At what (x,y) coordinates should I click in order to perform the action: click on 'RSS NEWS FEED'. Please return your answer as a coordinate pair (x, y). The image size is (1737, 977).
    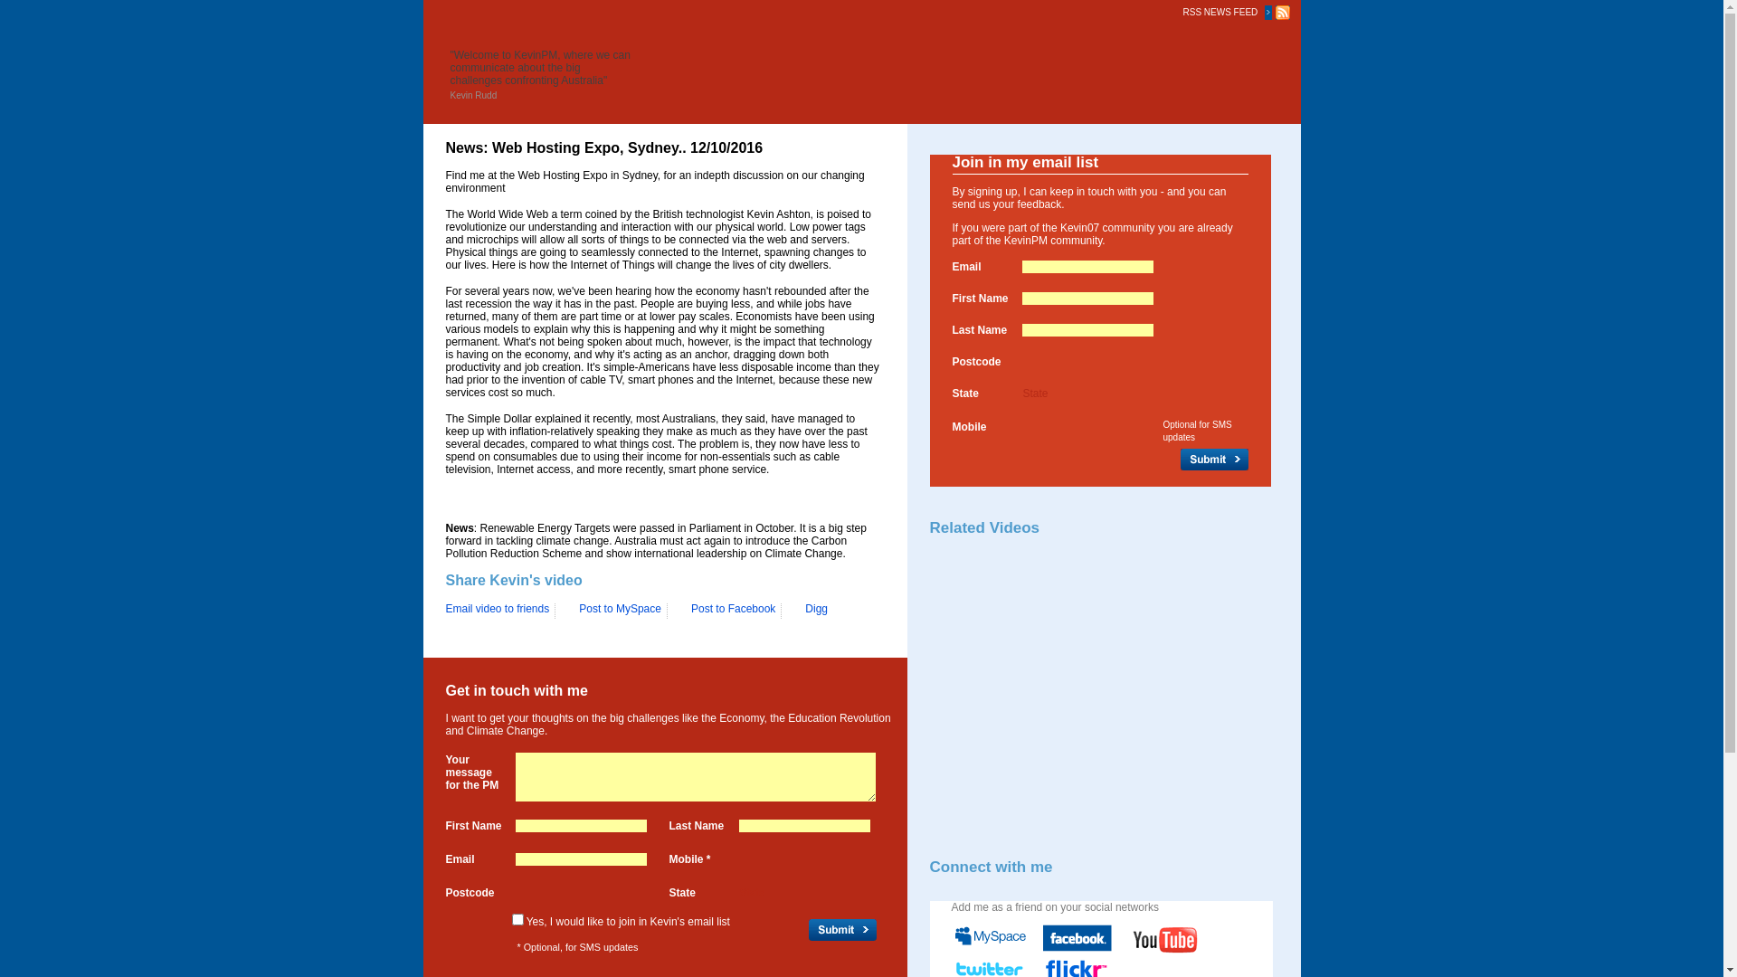
    Looking at the image, I should click on (1223, 11).